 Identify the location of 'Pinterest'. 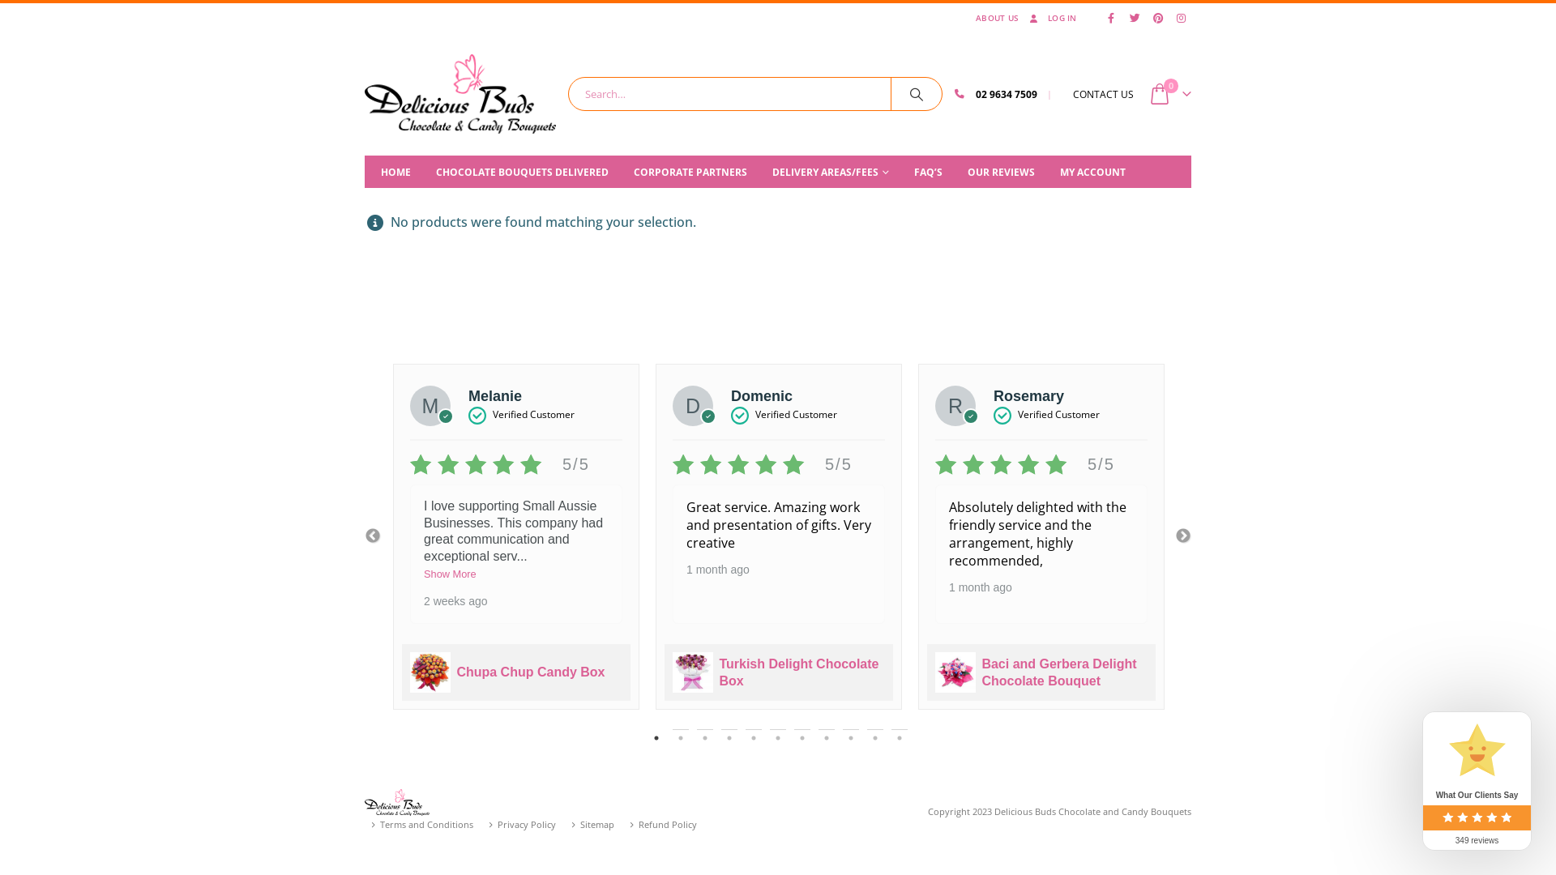
(1157, 18).